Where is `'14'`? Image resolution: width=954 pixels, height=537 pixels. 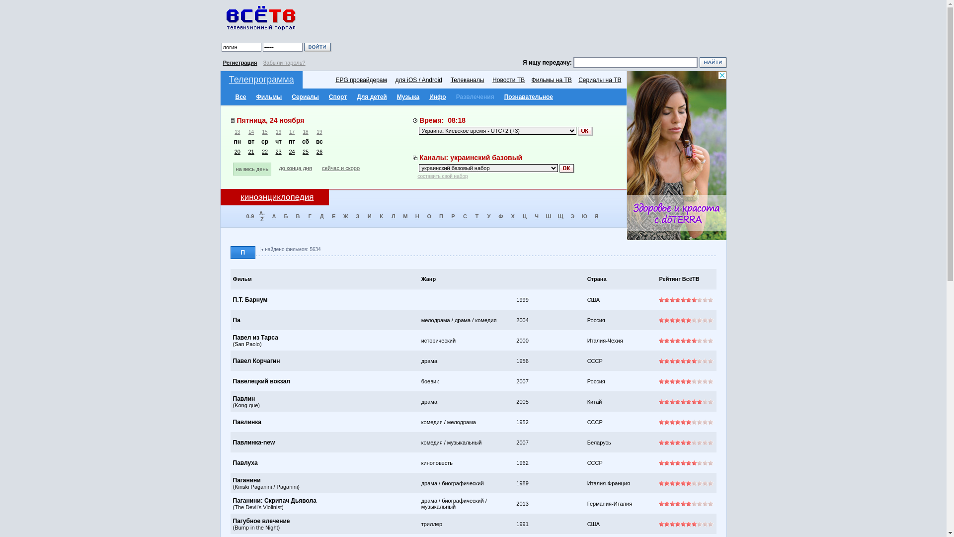
'14' is located at coordinates (251, 131).